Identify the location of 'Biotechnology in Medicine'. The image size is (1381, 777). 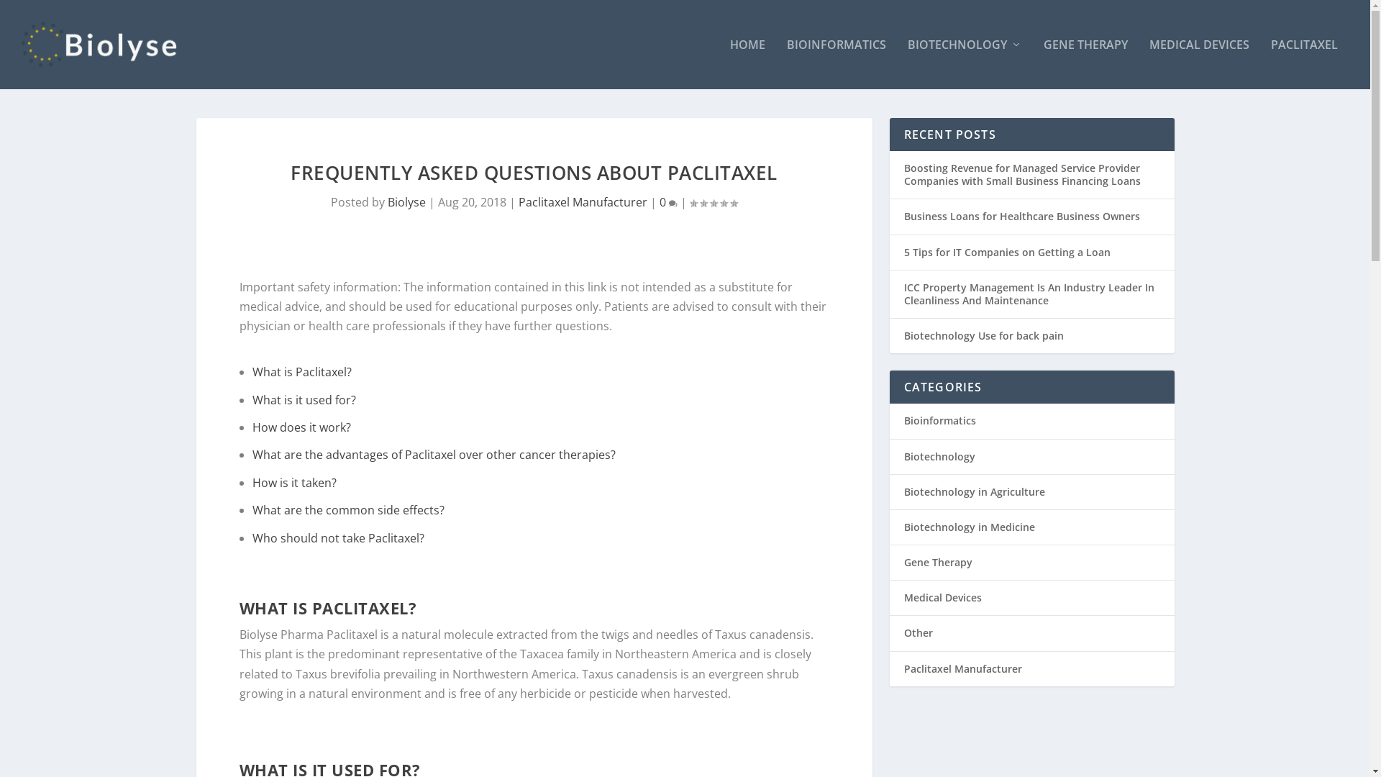
(969, 527).